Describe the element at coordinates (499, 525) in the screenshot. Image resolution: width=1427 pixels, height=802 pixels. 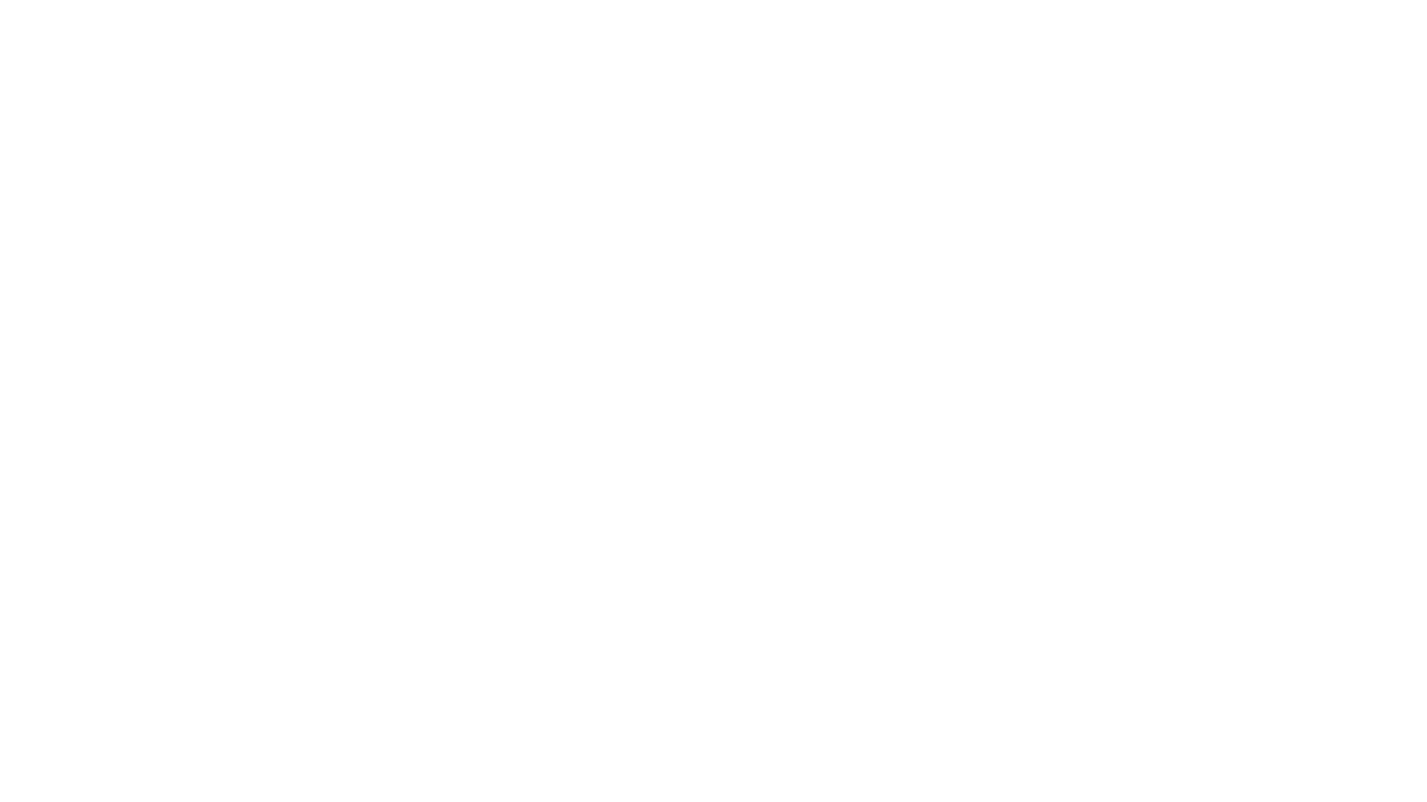
I see `Tillat ndvendige` at that location.